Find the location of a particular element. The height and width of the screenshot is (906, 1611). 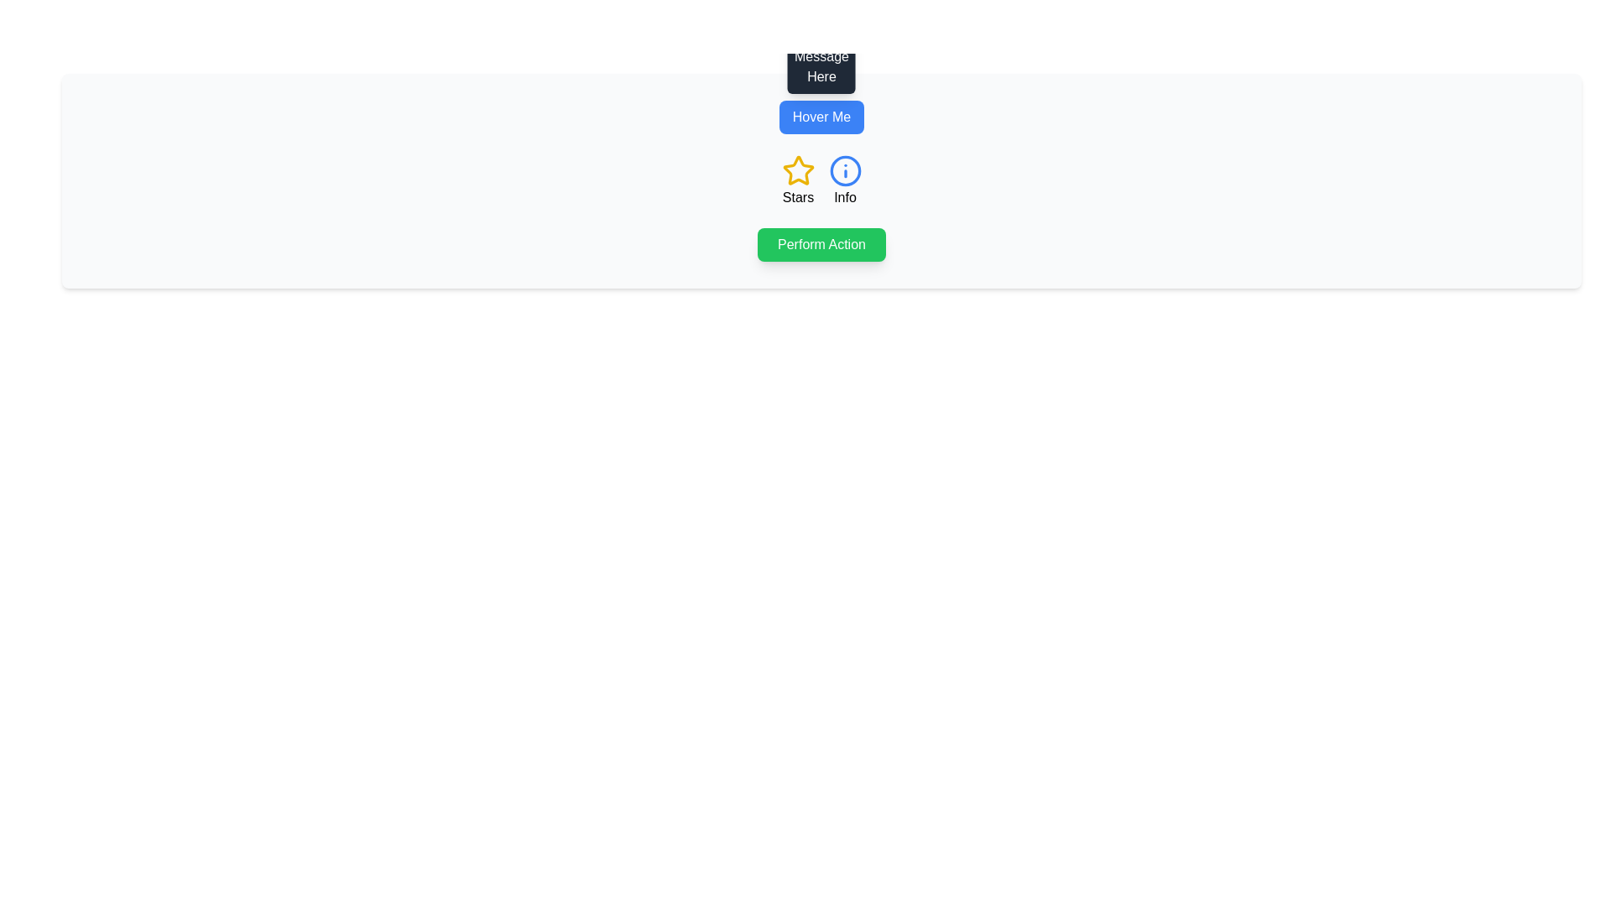

the informational icon with label located in the lower right section of the 'StarsInfo' group, positioned to the right of the 'Stars' icon for visual information is located at coordinates (845, 181).